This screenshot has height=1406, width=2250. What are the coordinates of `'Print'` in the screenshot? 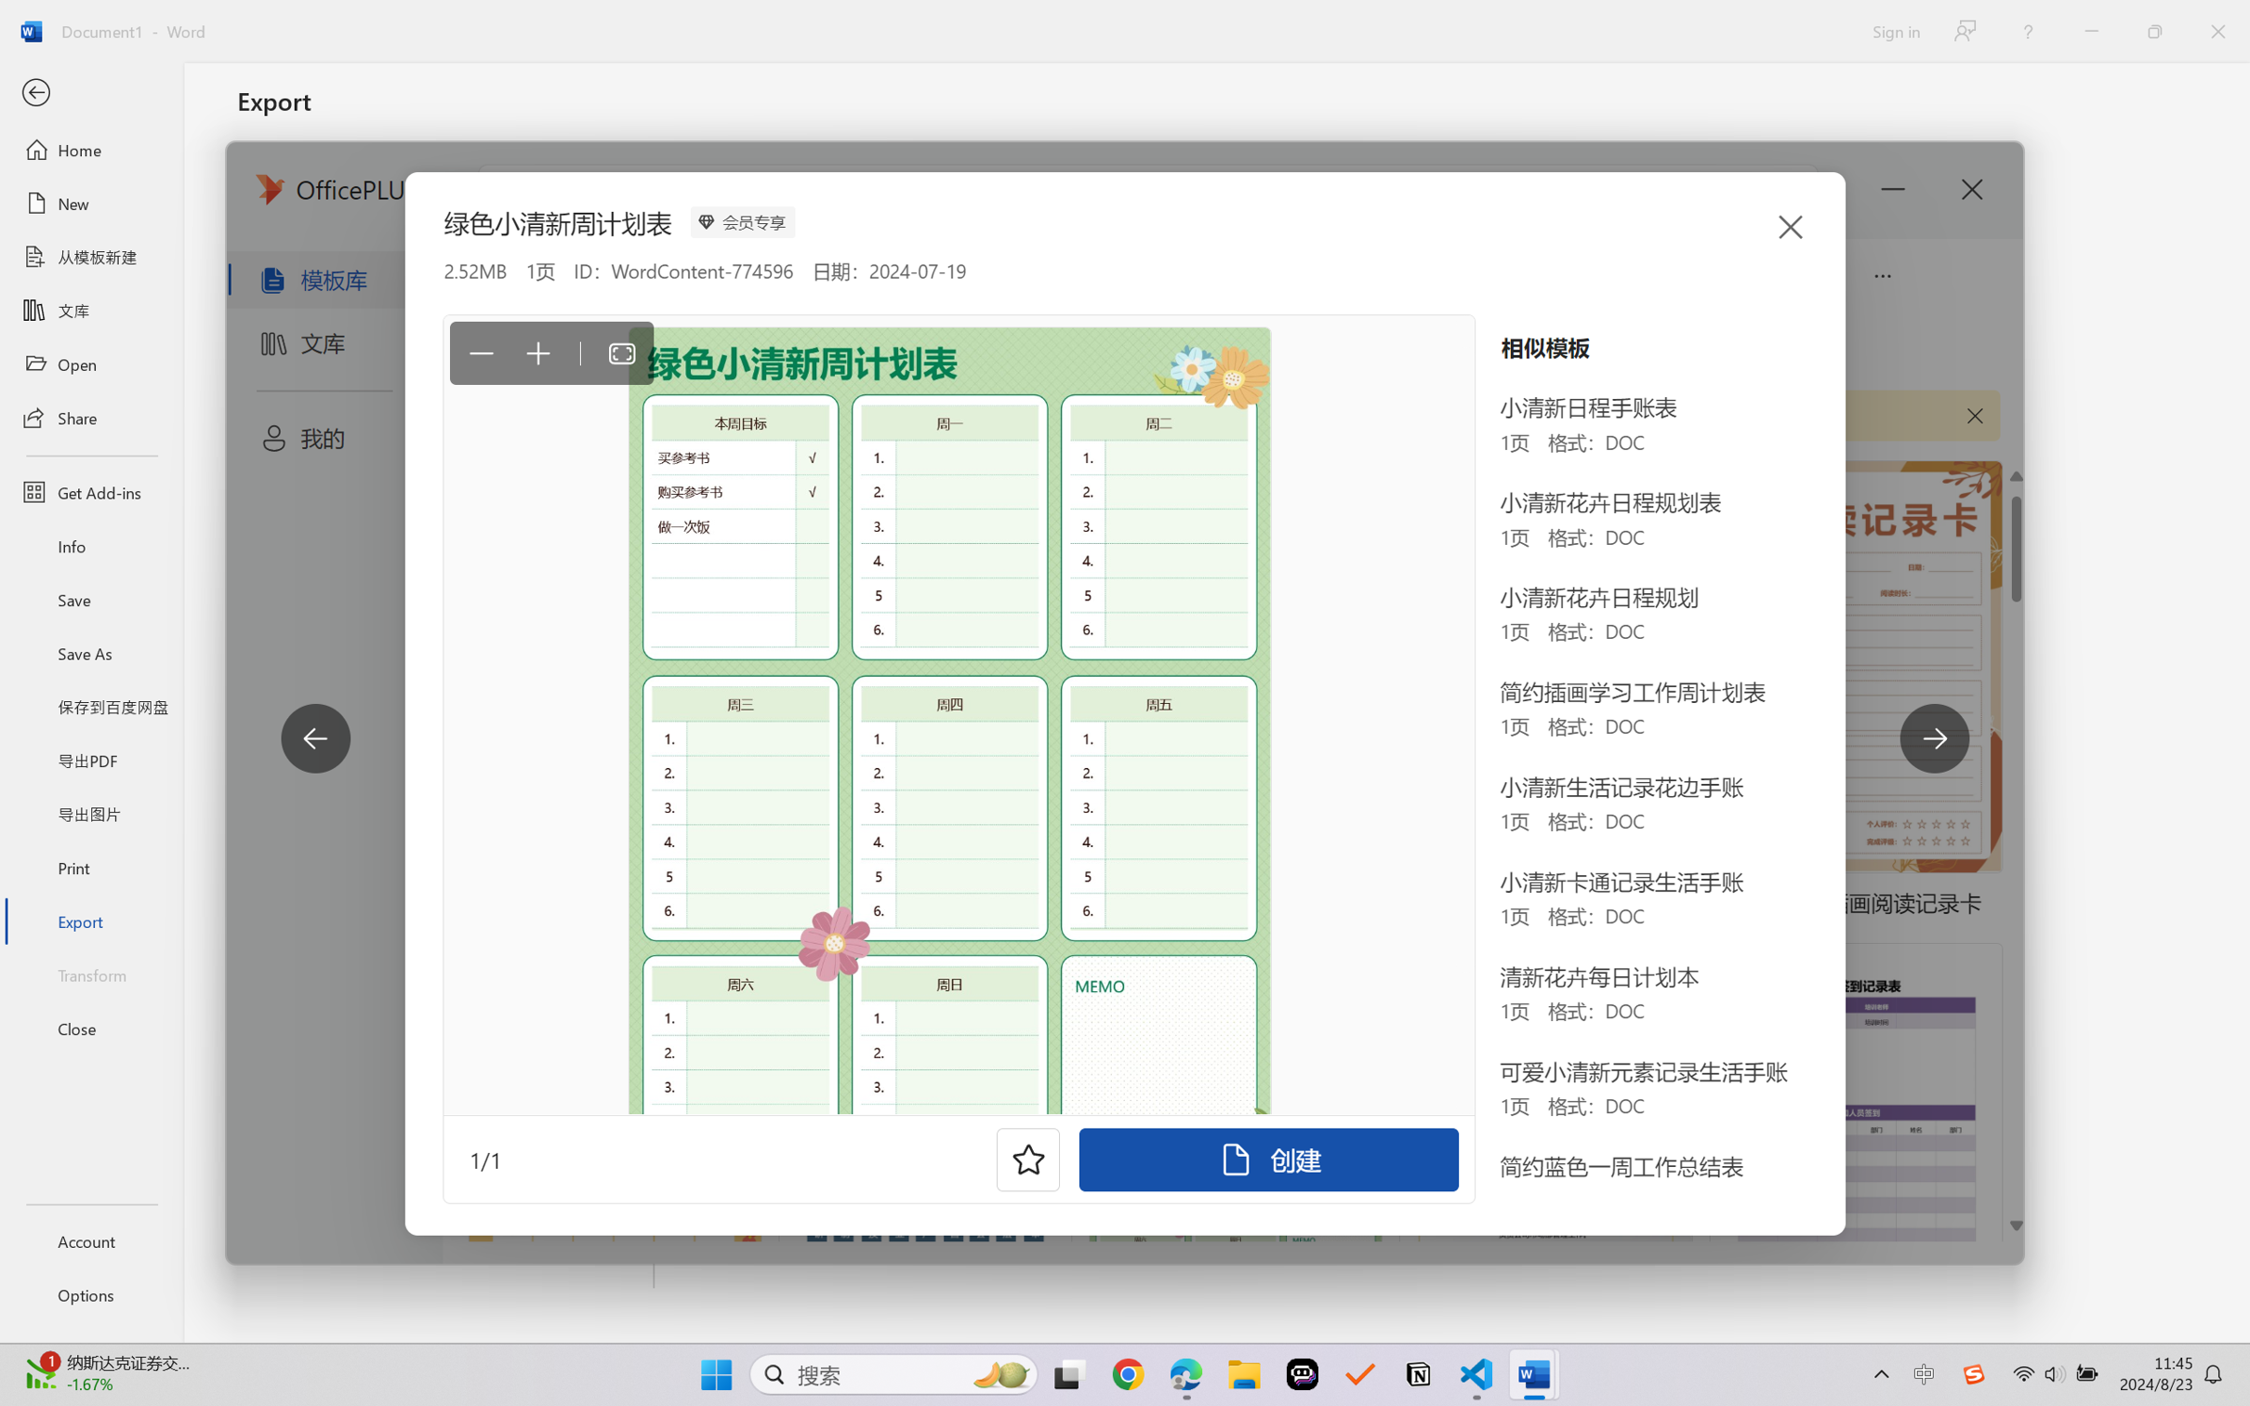 It's located at (90, 868).